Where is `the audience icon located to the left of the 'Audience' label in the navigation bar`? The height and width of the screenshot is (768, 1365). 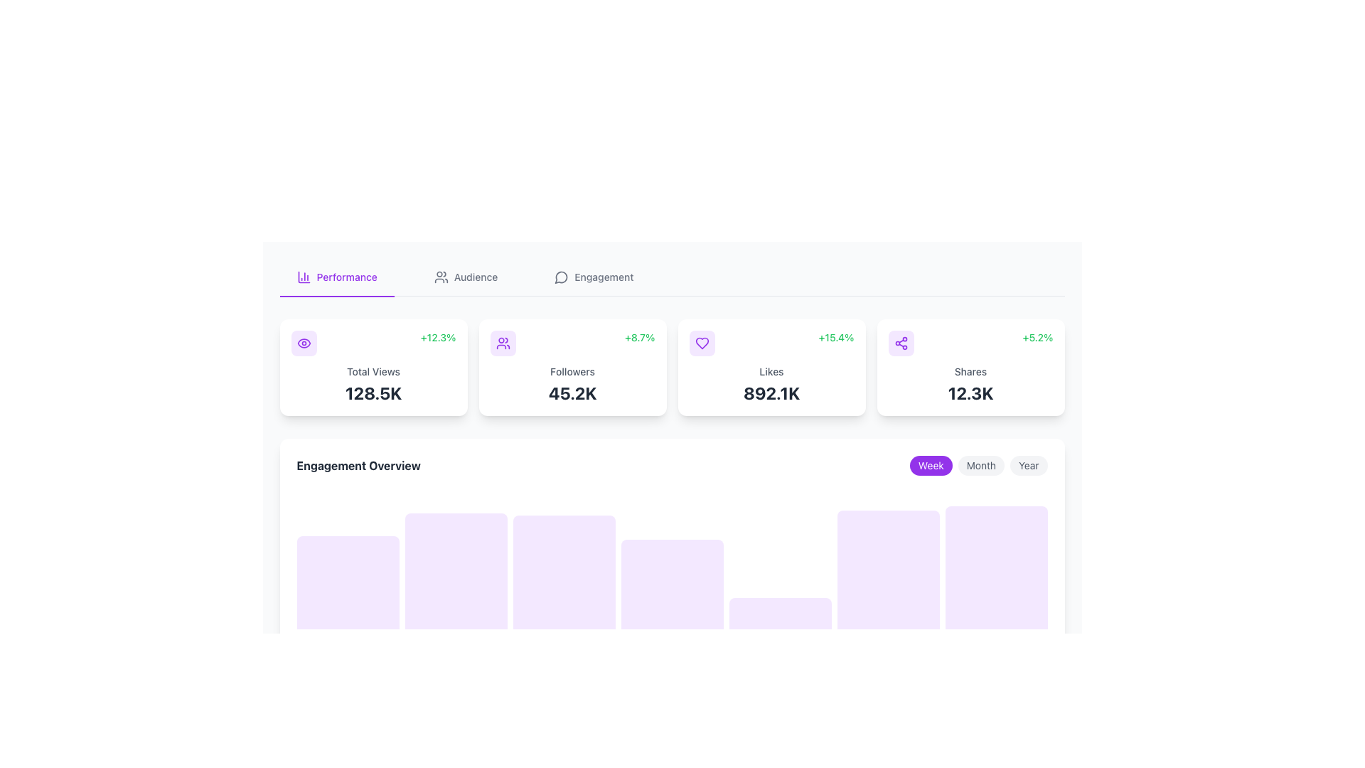
the audience icon located to the left of the 'Audience' label in the navigation bar is located at coordinates (440, 277).